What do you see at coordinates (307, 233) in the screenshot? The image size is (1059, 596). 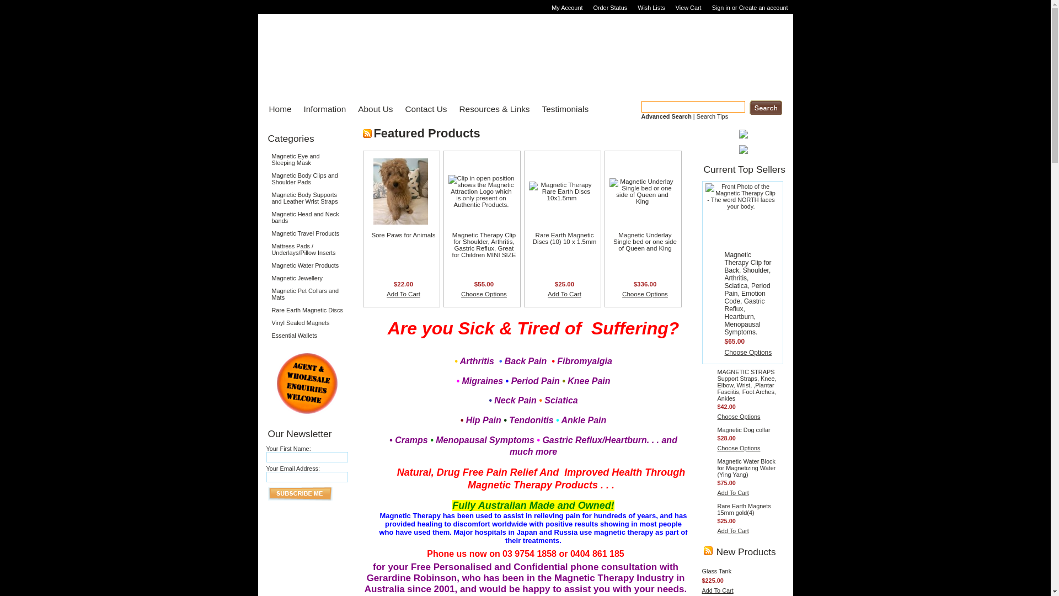 I see `'Magnetic Travel Products'` at bounding box center [307, 233].